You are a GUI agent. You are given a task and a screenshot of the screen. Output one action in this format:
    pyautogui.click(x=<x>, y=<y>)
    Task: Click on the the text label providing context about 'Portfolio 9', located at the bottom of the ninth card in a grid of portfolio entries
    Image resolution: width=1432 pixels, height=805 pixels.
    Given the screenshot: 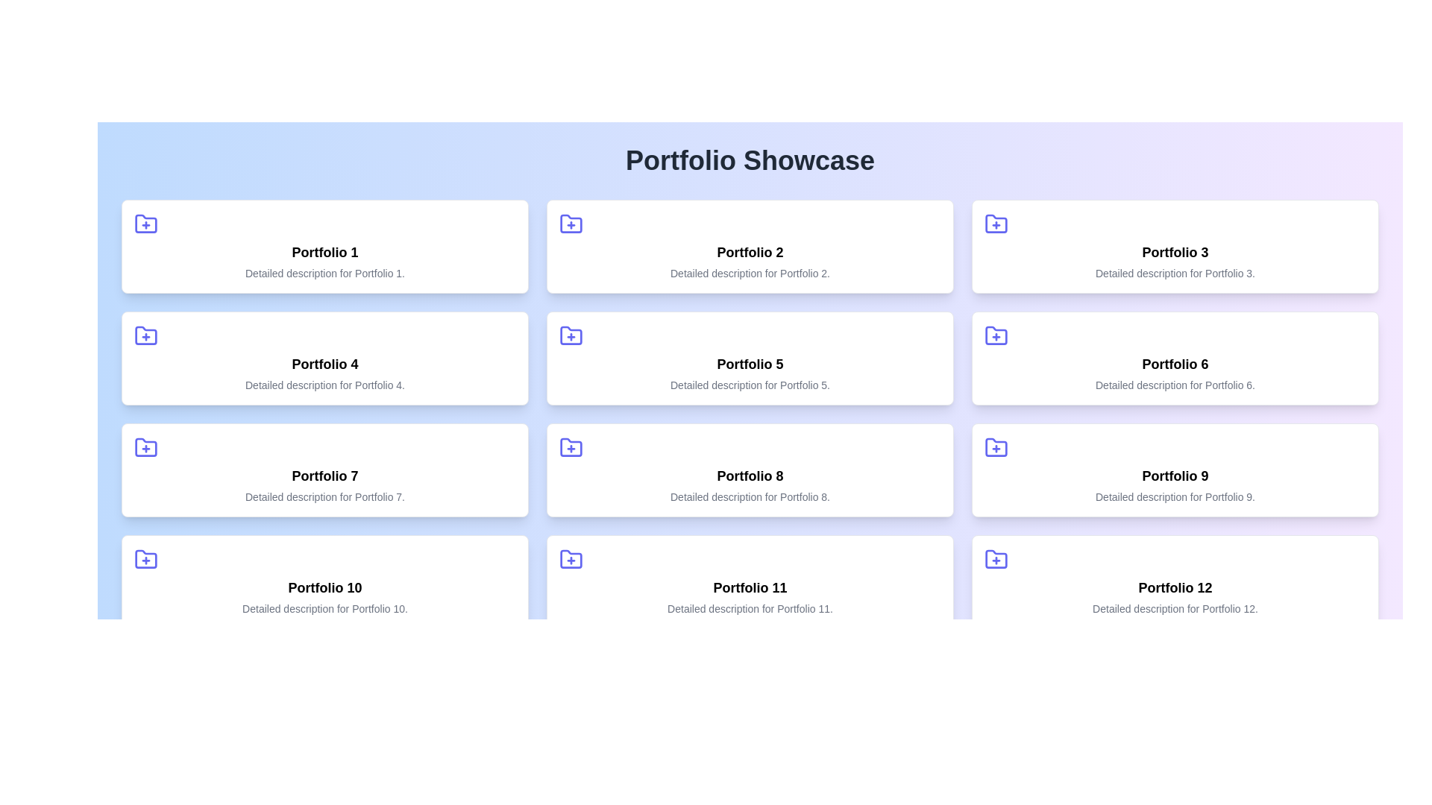 What is the action you would take?
    pyautogui.click(x=1174, y=497)
    